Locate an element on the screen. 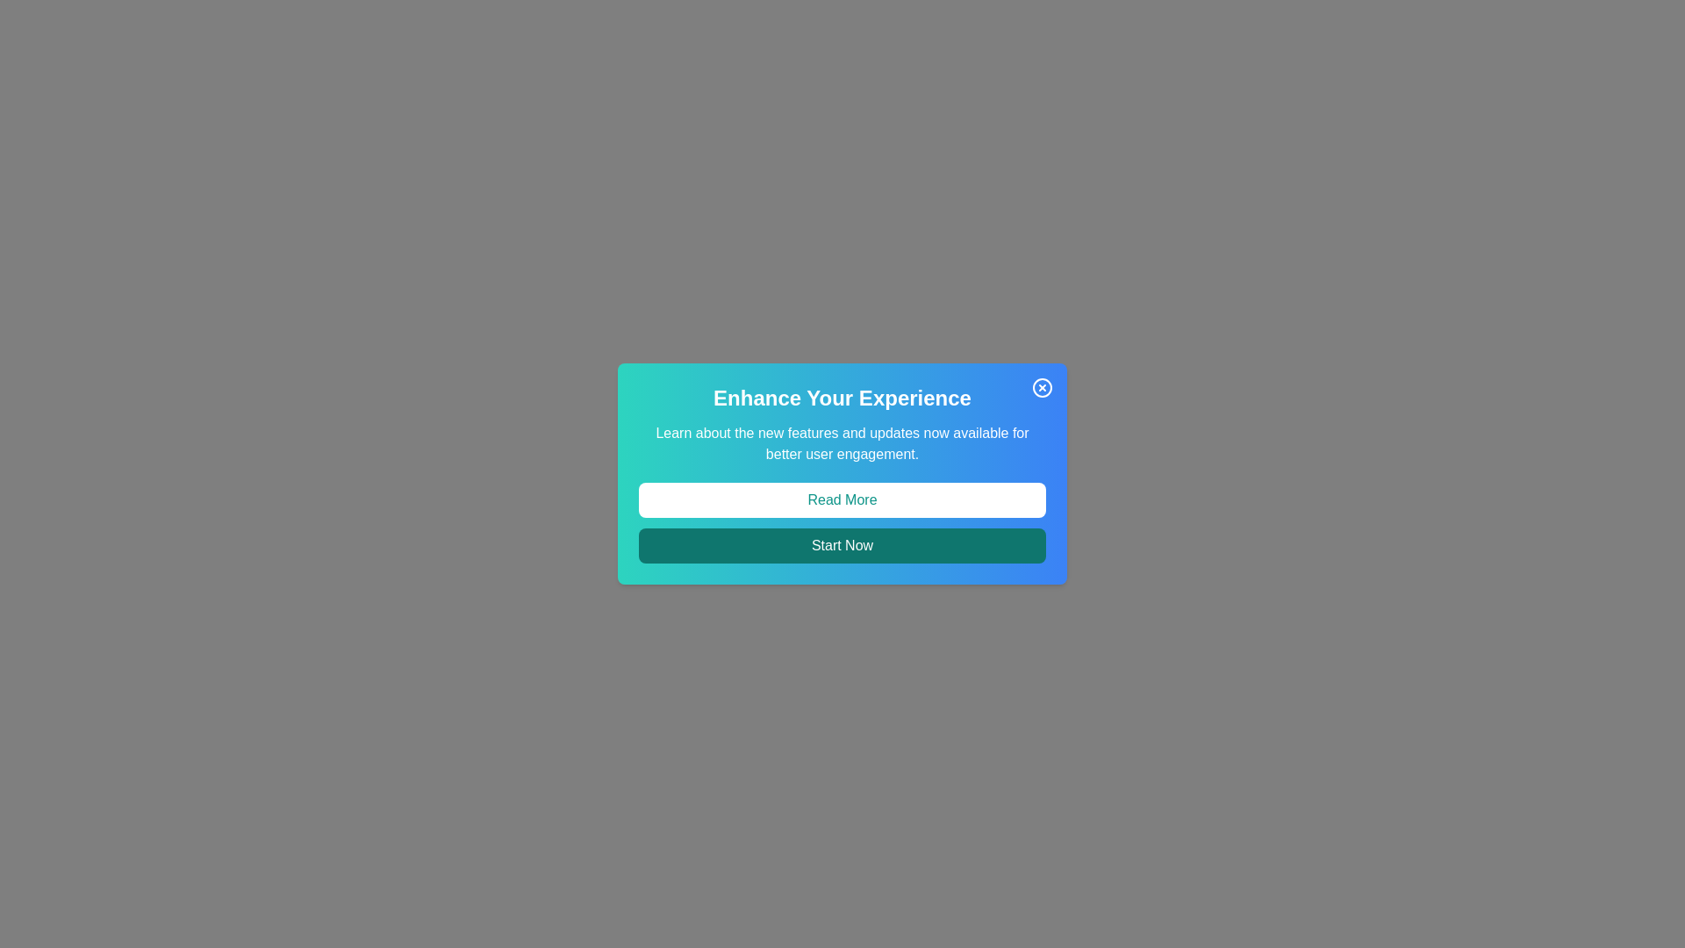  the close button of the dialog to close it is located at coordinates (1043, 387).